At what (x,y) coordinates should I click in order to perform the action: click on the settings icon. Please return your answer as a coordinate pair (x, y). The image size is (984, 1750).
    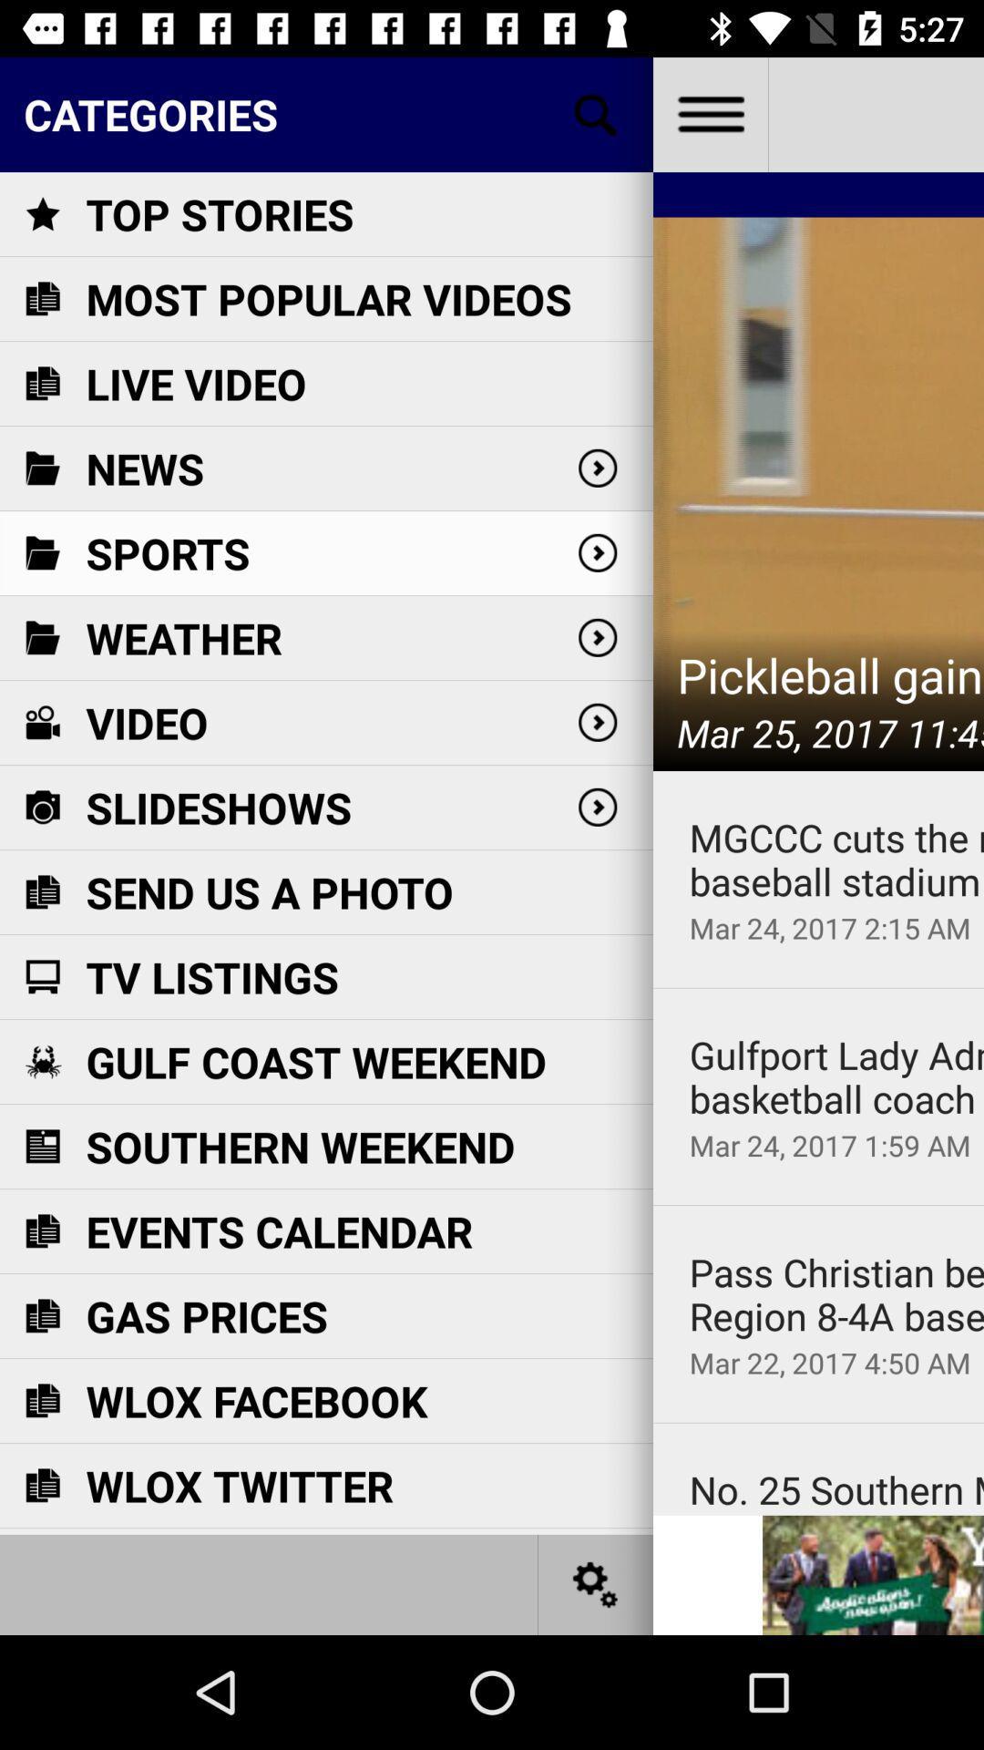
    Looking at the image, I should click on (596, 1583).